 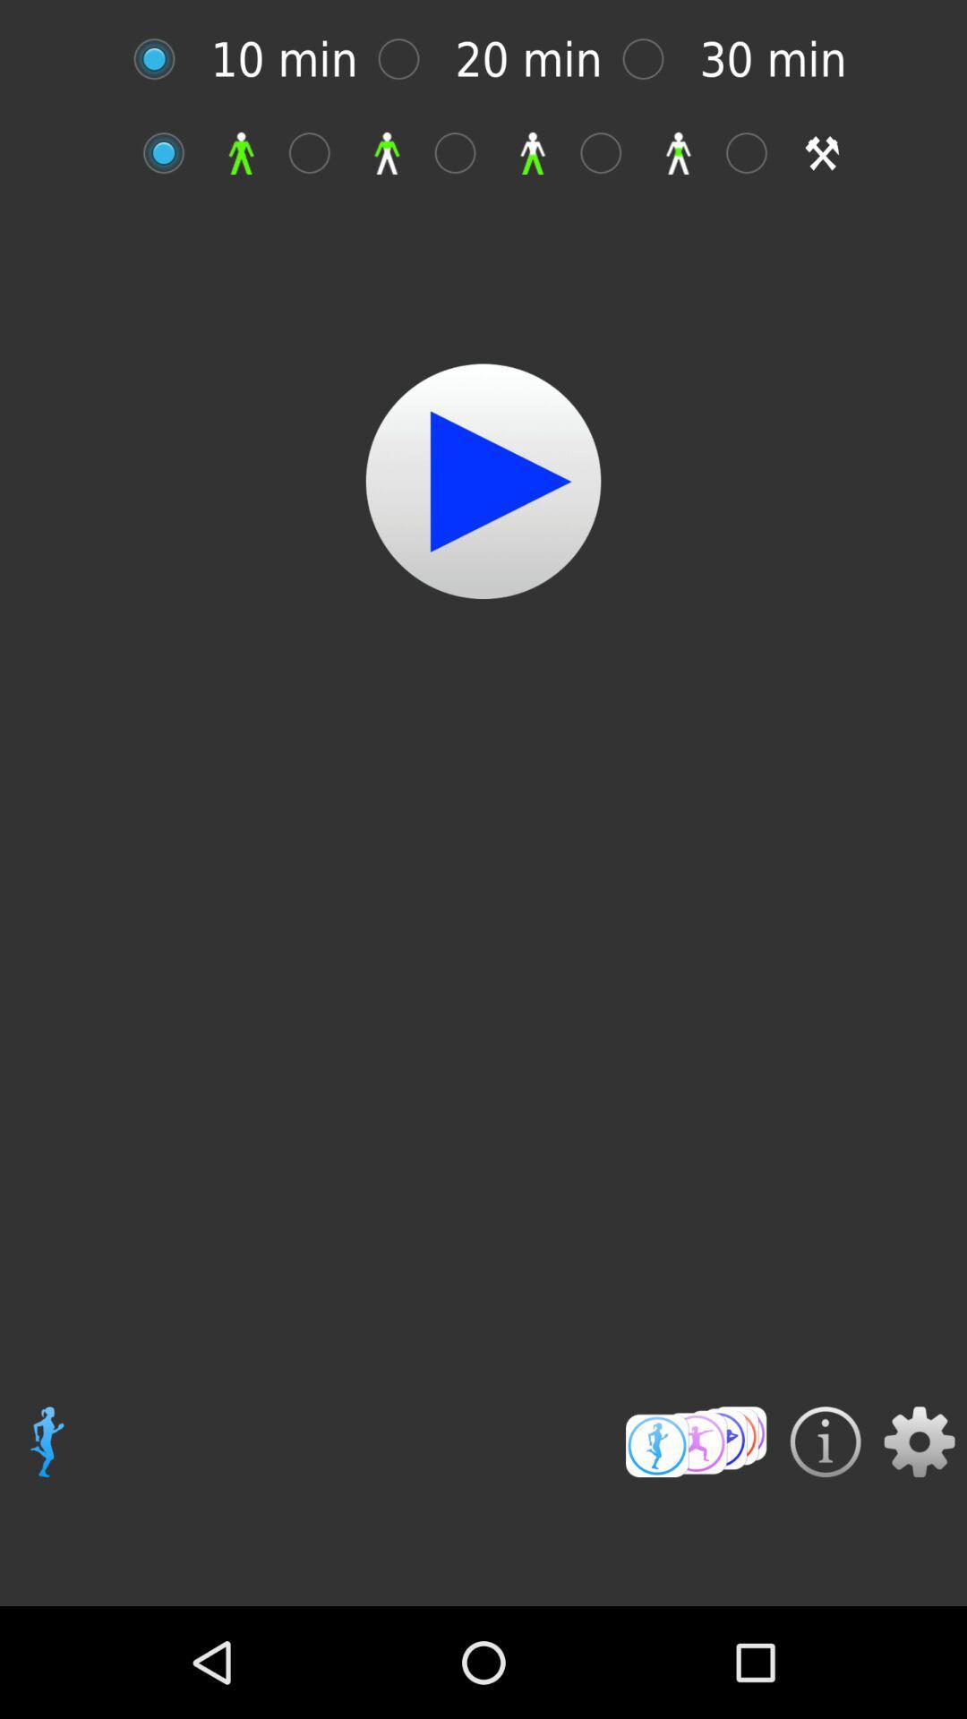 What do you see at coordinates (920, 1441) in the screenshot?
I see `settings` at bounding box center [920, 1441].